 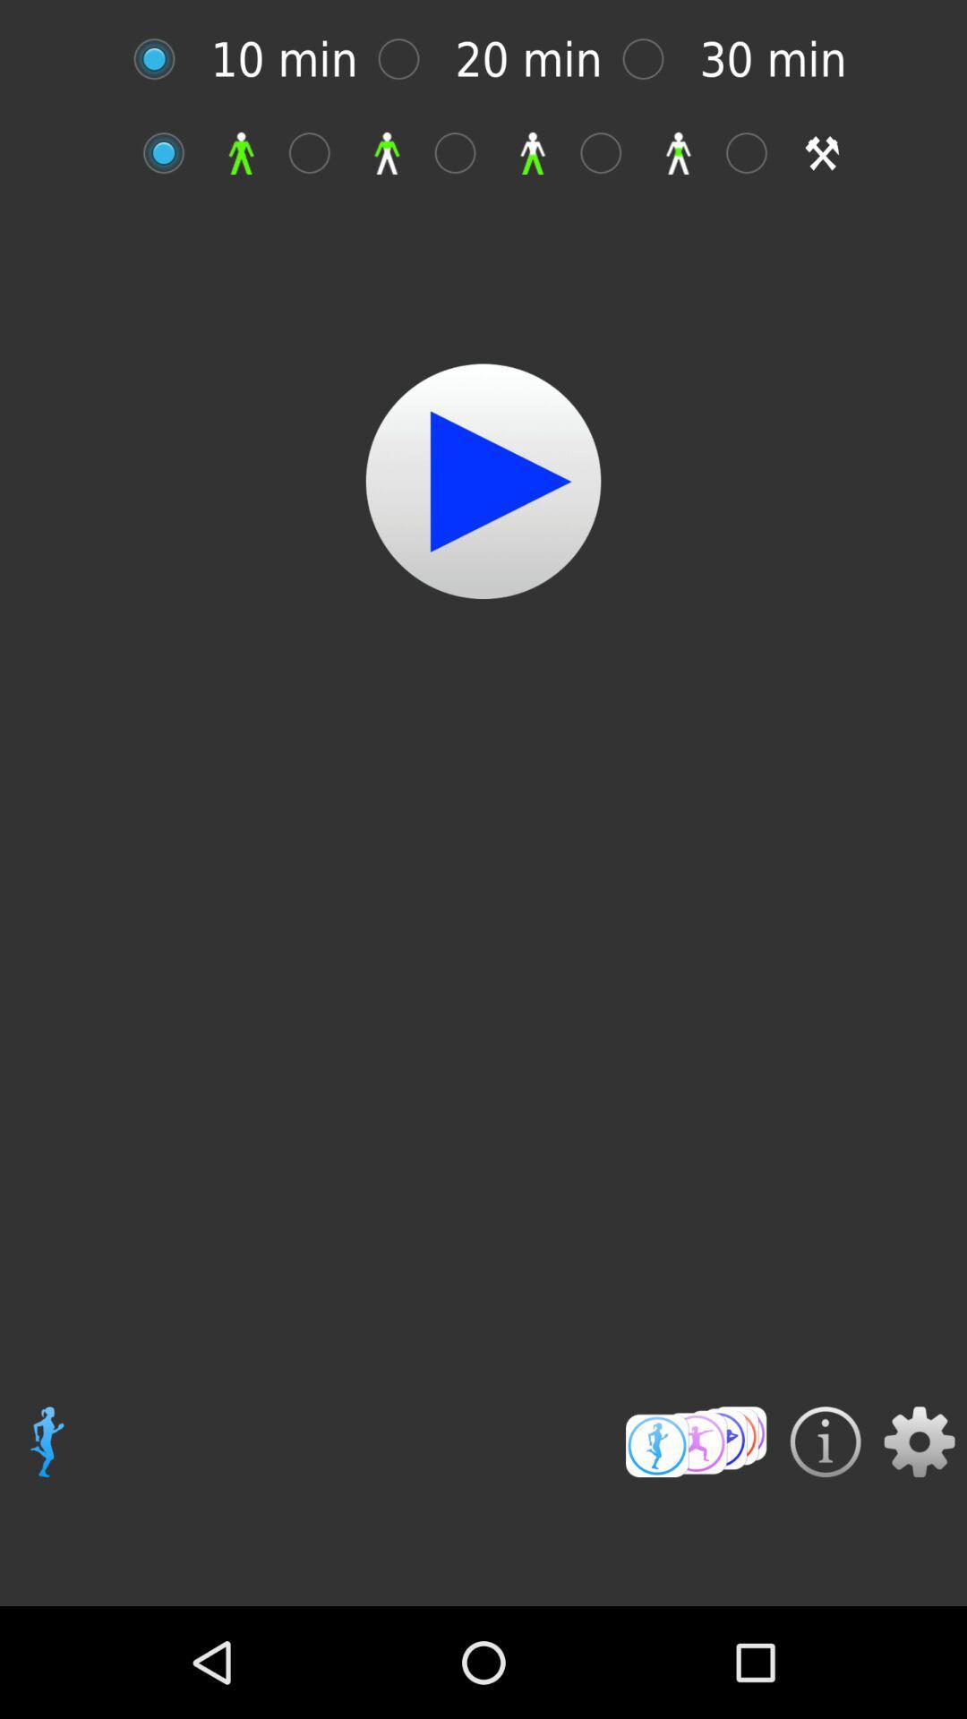 What do you see at coordinates (920, 1441) in the screenshot?
I see `settings` at bounding box center [920, 1441].